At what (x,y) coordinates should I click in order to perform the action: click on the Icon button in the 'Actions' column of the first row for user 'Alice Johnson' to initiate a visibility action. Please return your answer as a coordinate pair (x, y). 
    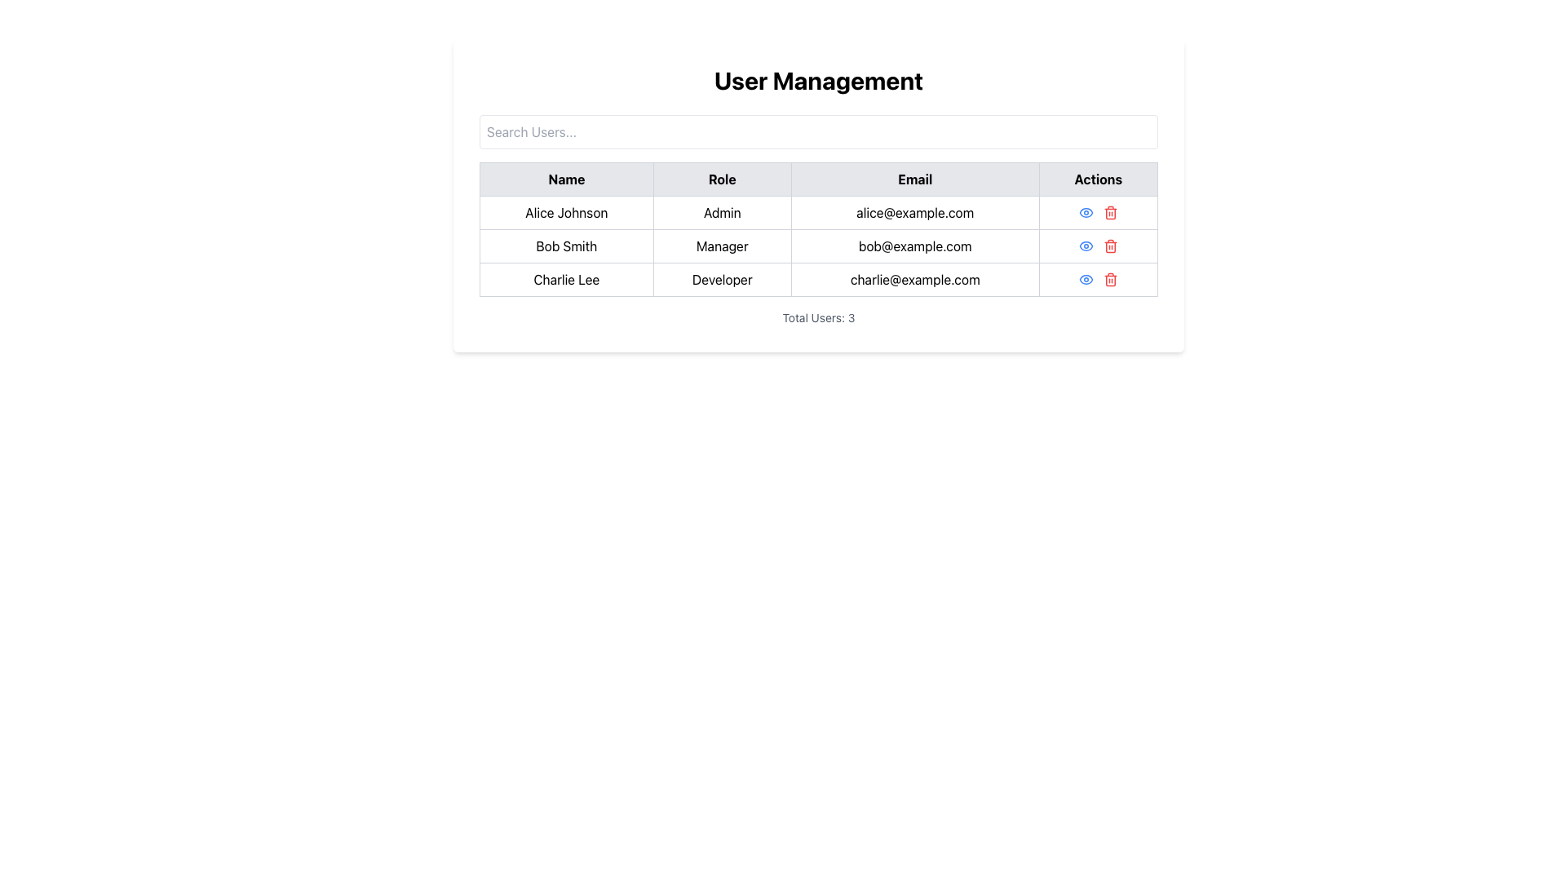
    Looking at the image, I should click on (1085, 212).